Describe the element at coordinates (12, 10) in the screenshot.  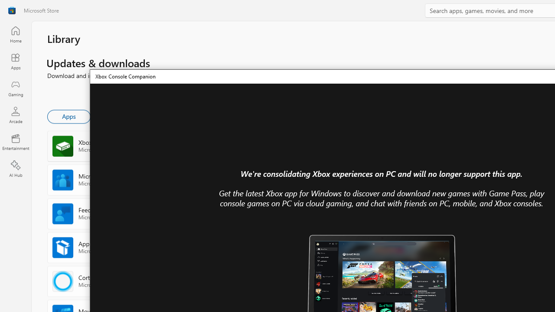
I see `'Class: Image'` at that location.